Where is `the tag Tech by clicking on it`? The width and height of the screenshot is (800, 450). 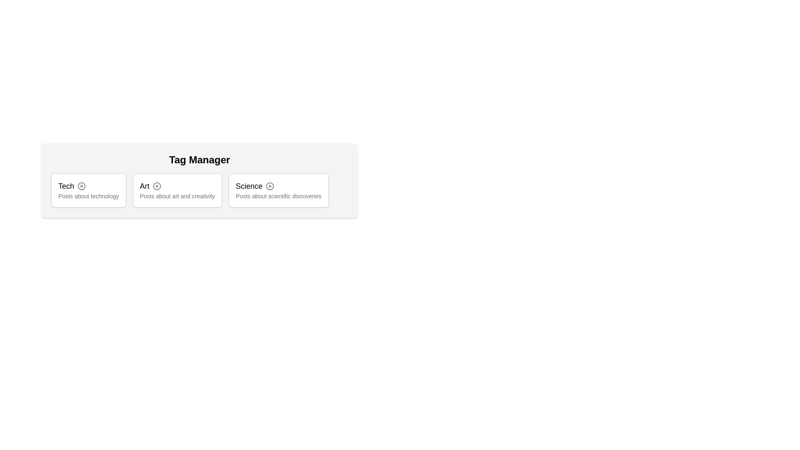
the tag Tech by clicking on it is located at coordinates (88, 190).